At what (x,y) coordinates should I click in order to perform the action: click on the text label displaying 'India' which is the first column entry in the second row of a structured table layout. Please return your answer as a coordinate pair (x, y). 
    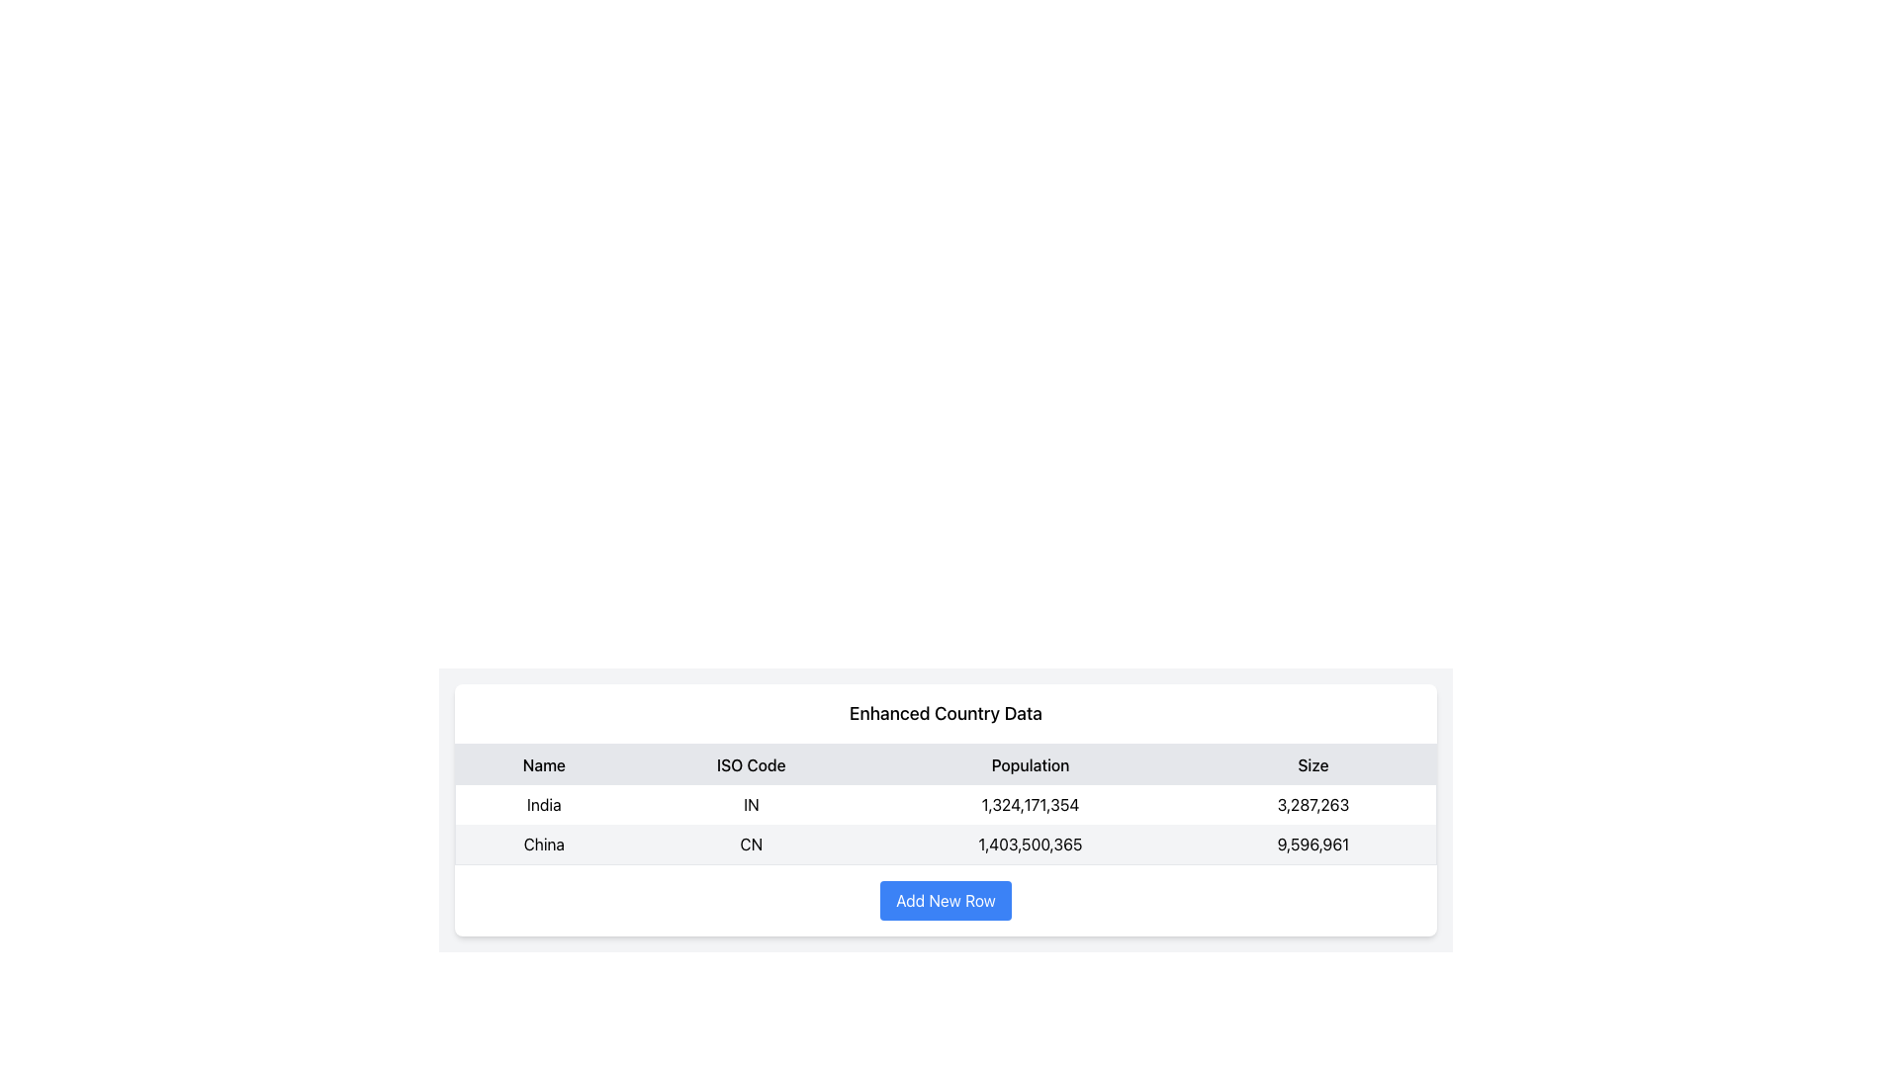
    Looking at the image, I should click on (544, 804).